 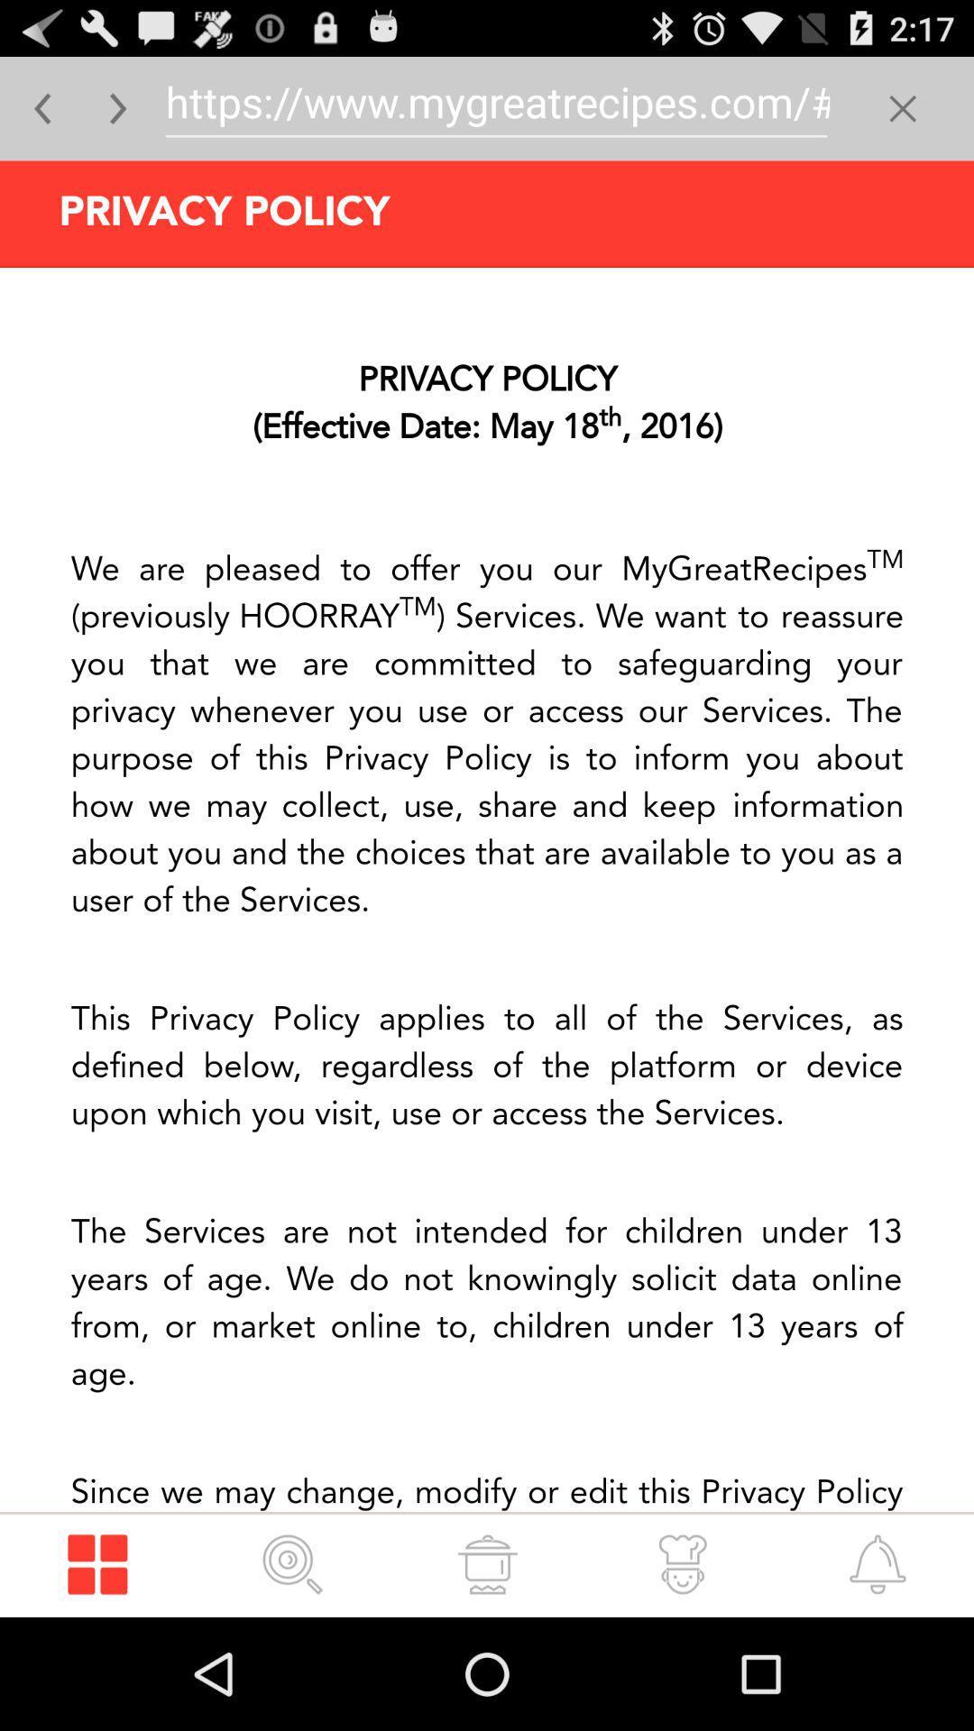 What do you see at coordinates (903, 107) in the screenshot?
I see `cut option` at bounding box center [903, 107].